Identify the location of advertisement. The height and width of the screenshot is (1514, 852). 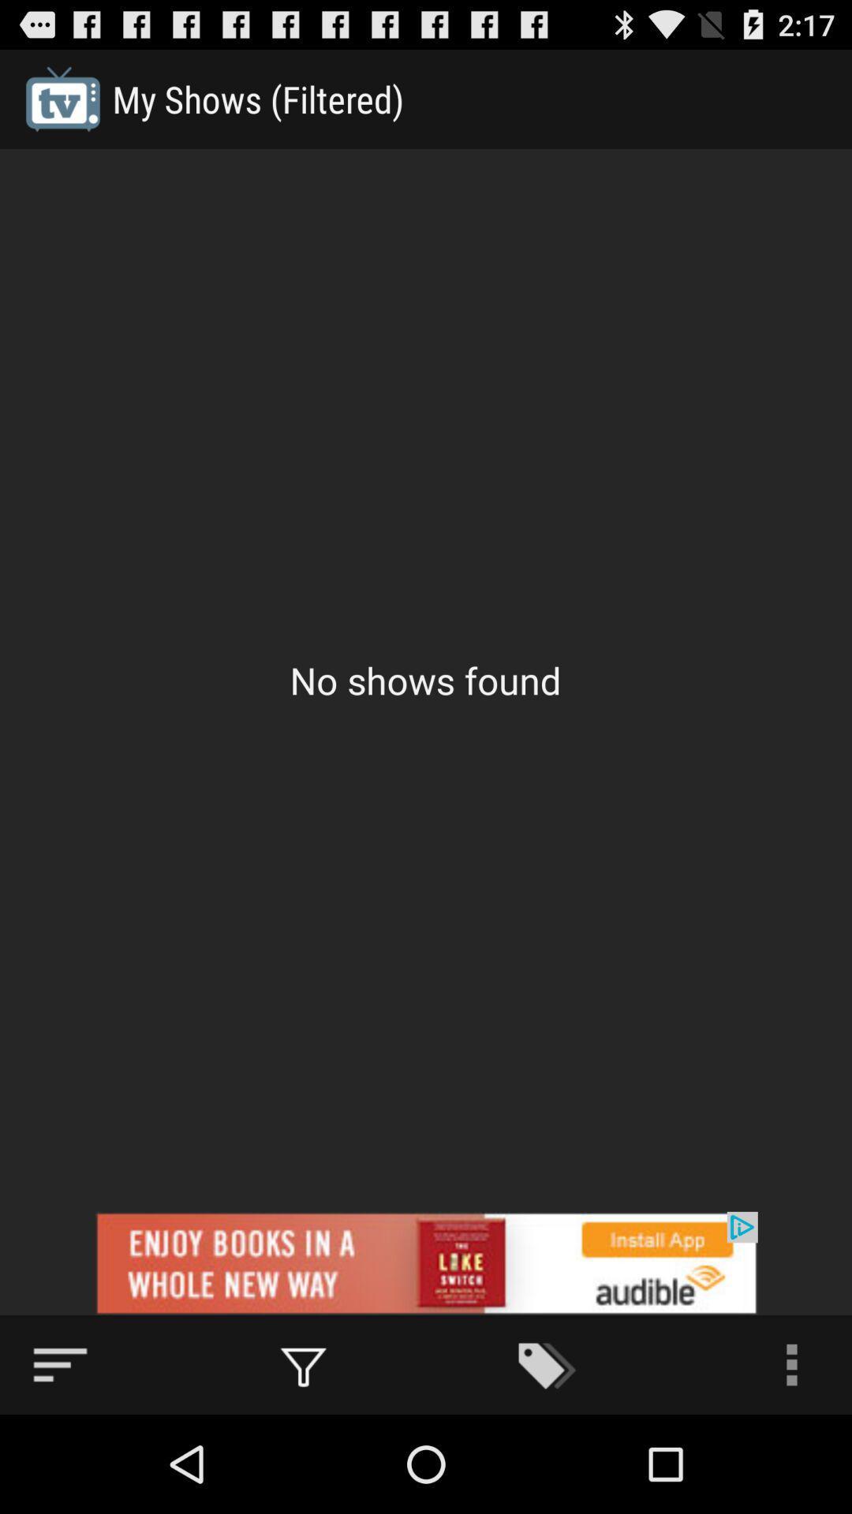
(426, 1263).